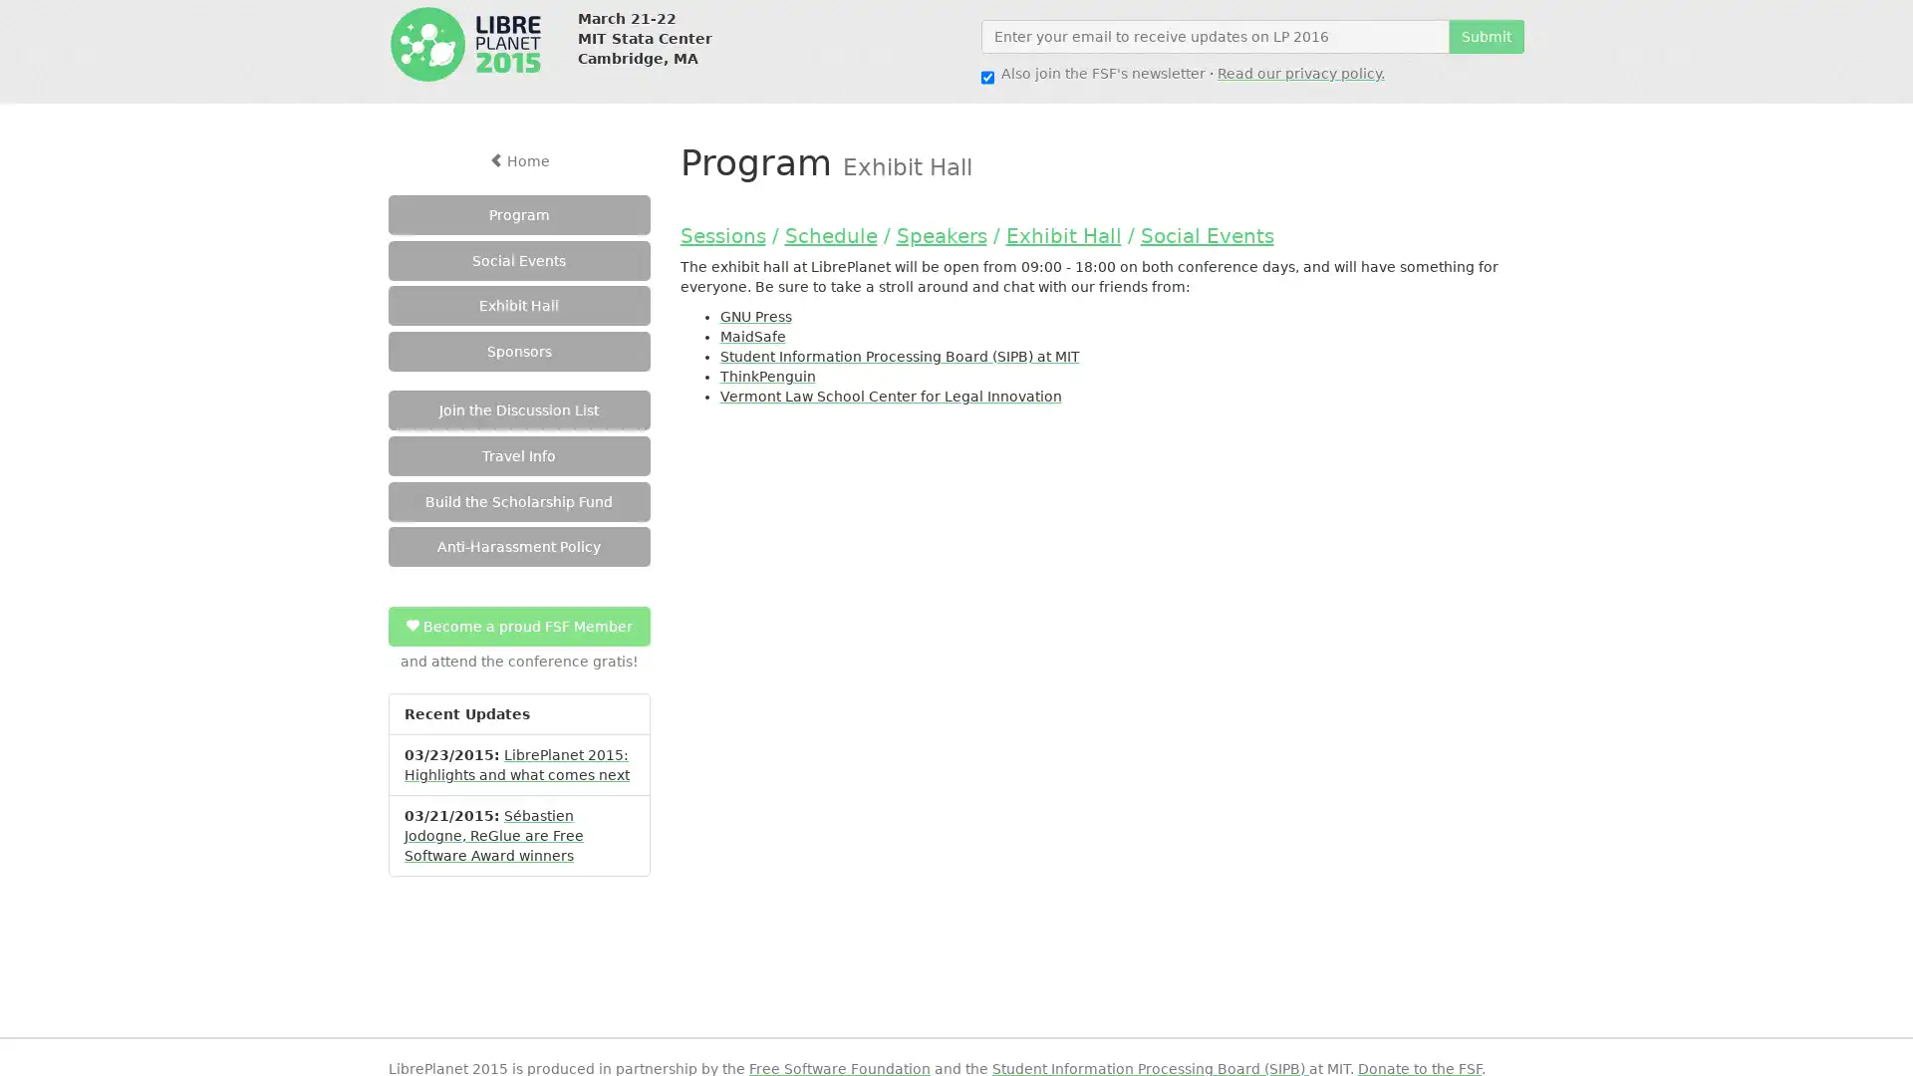  I want to click on Submit, so click(1487, 37).